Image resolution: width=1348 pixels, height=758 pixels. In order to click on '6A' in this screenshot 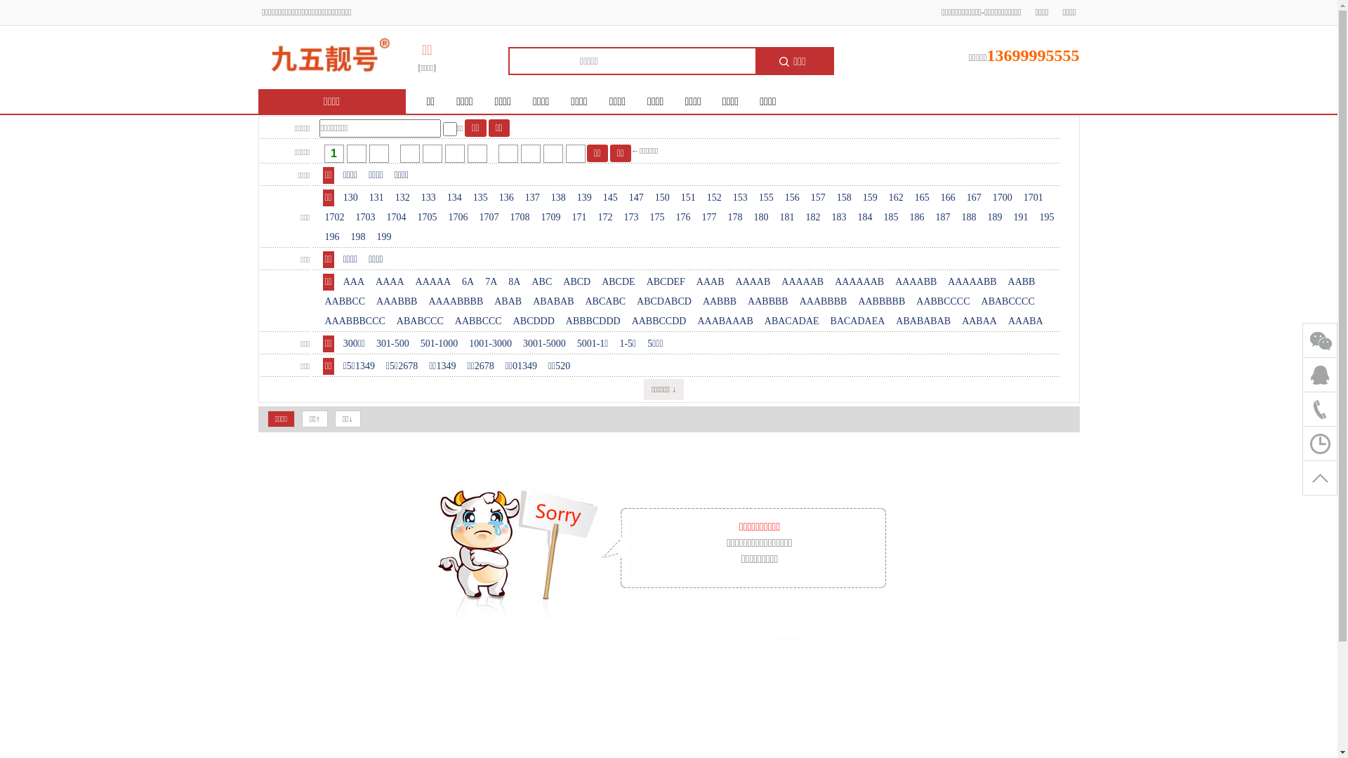, I will do `click(468, 281)`.